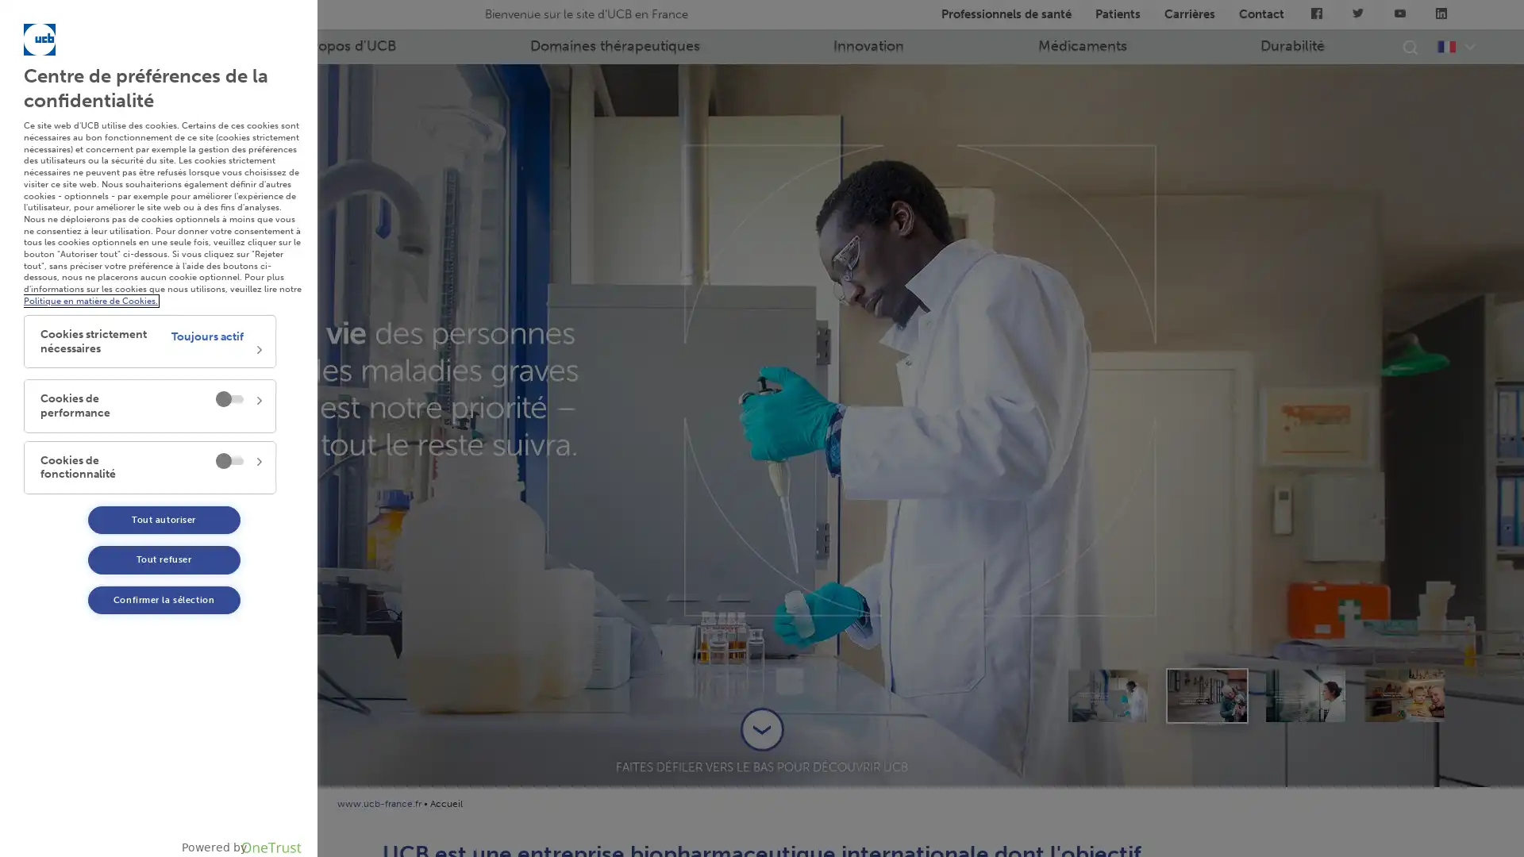  Describe the element at coordinates (149, 405) in the screenshot. I see `Cookies de performance` at that location.